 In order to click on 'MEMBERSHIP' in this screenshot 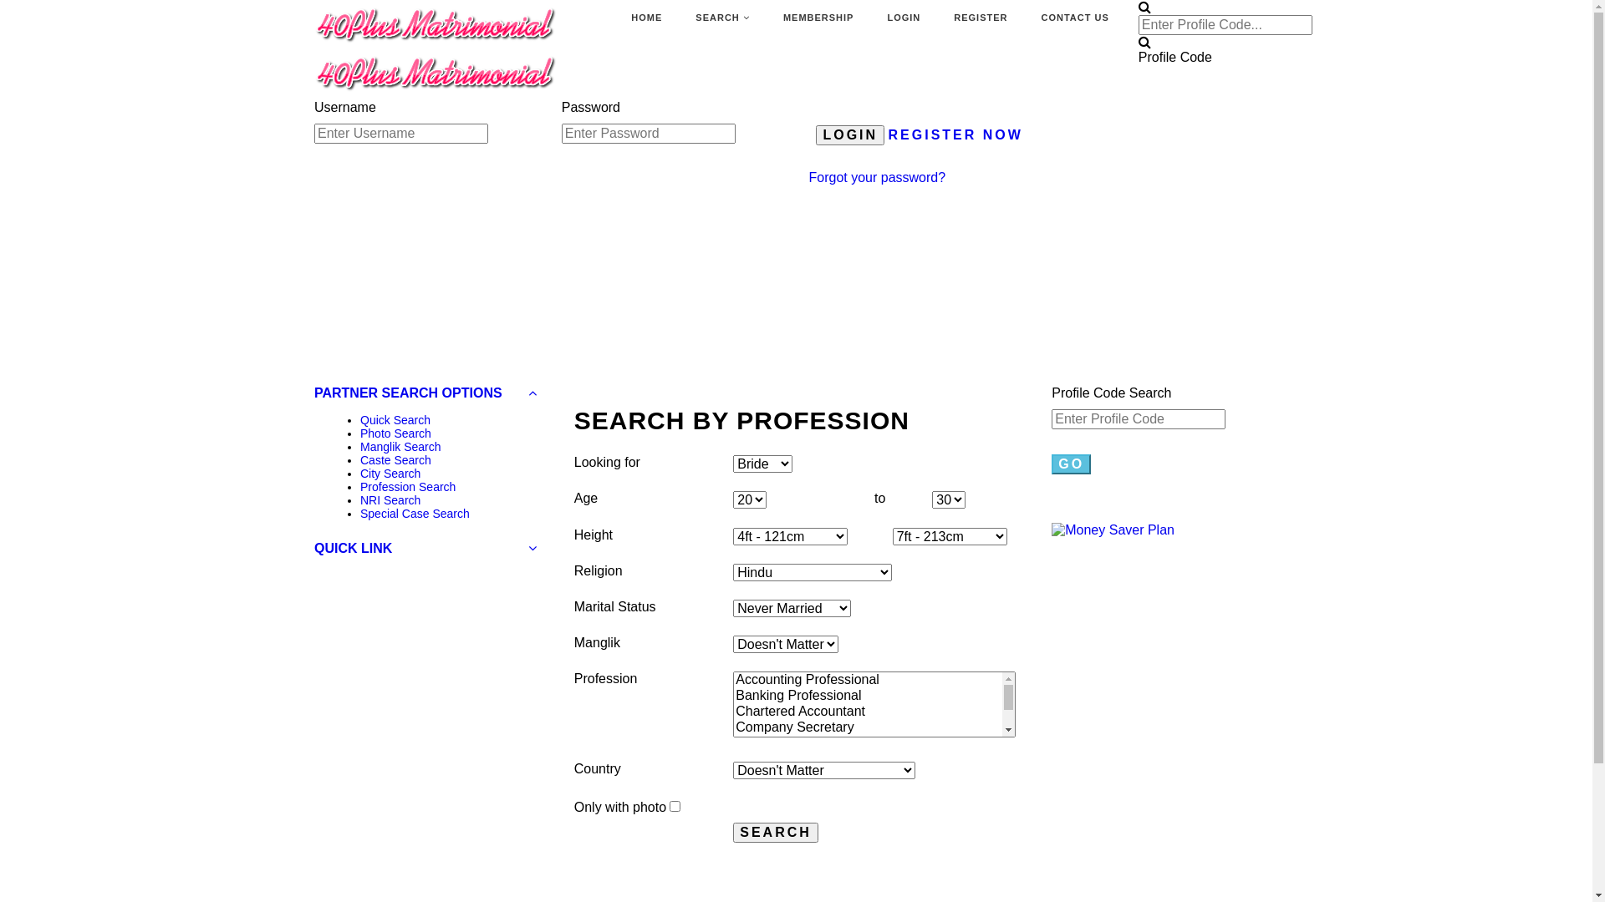, I will do `click(818, 18)`.